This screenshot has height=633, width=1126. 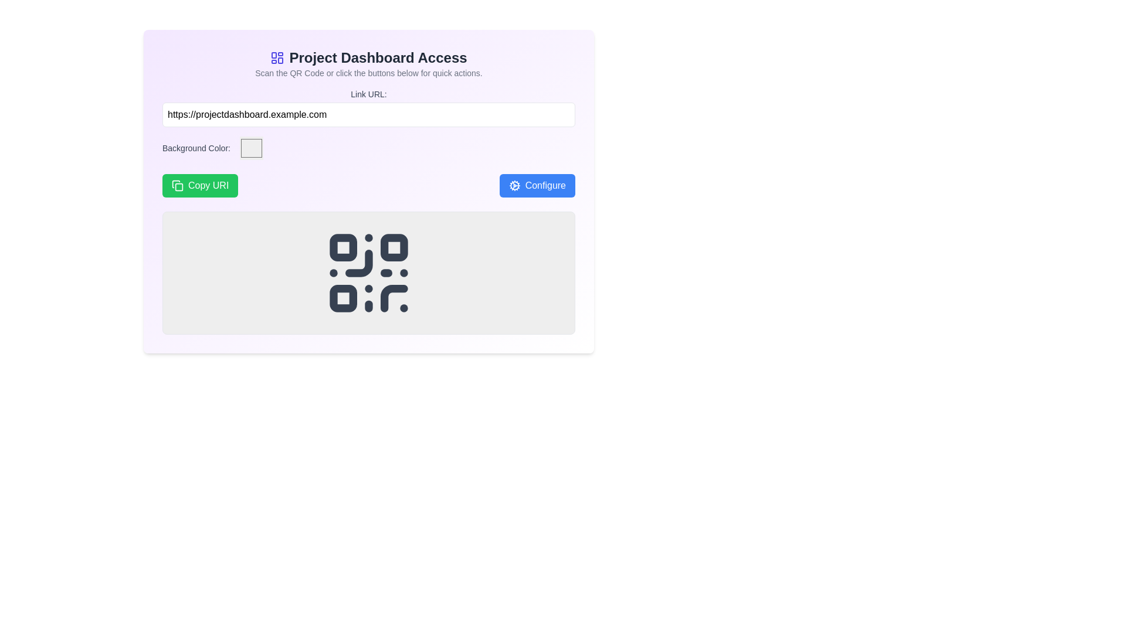 I want to click on the third square graphical component in the bottom-left quadrant of the QR code, which is part of the QR code pattern contributing to its functionality, so click(x=342, y=298).